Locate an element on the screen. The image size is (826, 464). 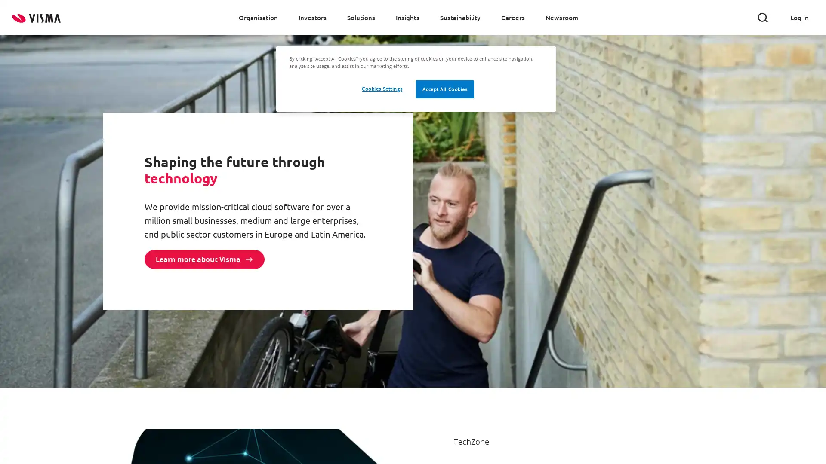
Cookies Settings is located at coordinates (381, 89).